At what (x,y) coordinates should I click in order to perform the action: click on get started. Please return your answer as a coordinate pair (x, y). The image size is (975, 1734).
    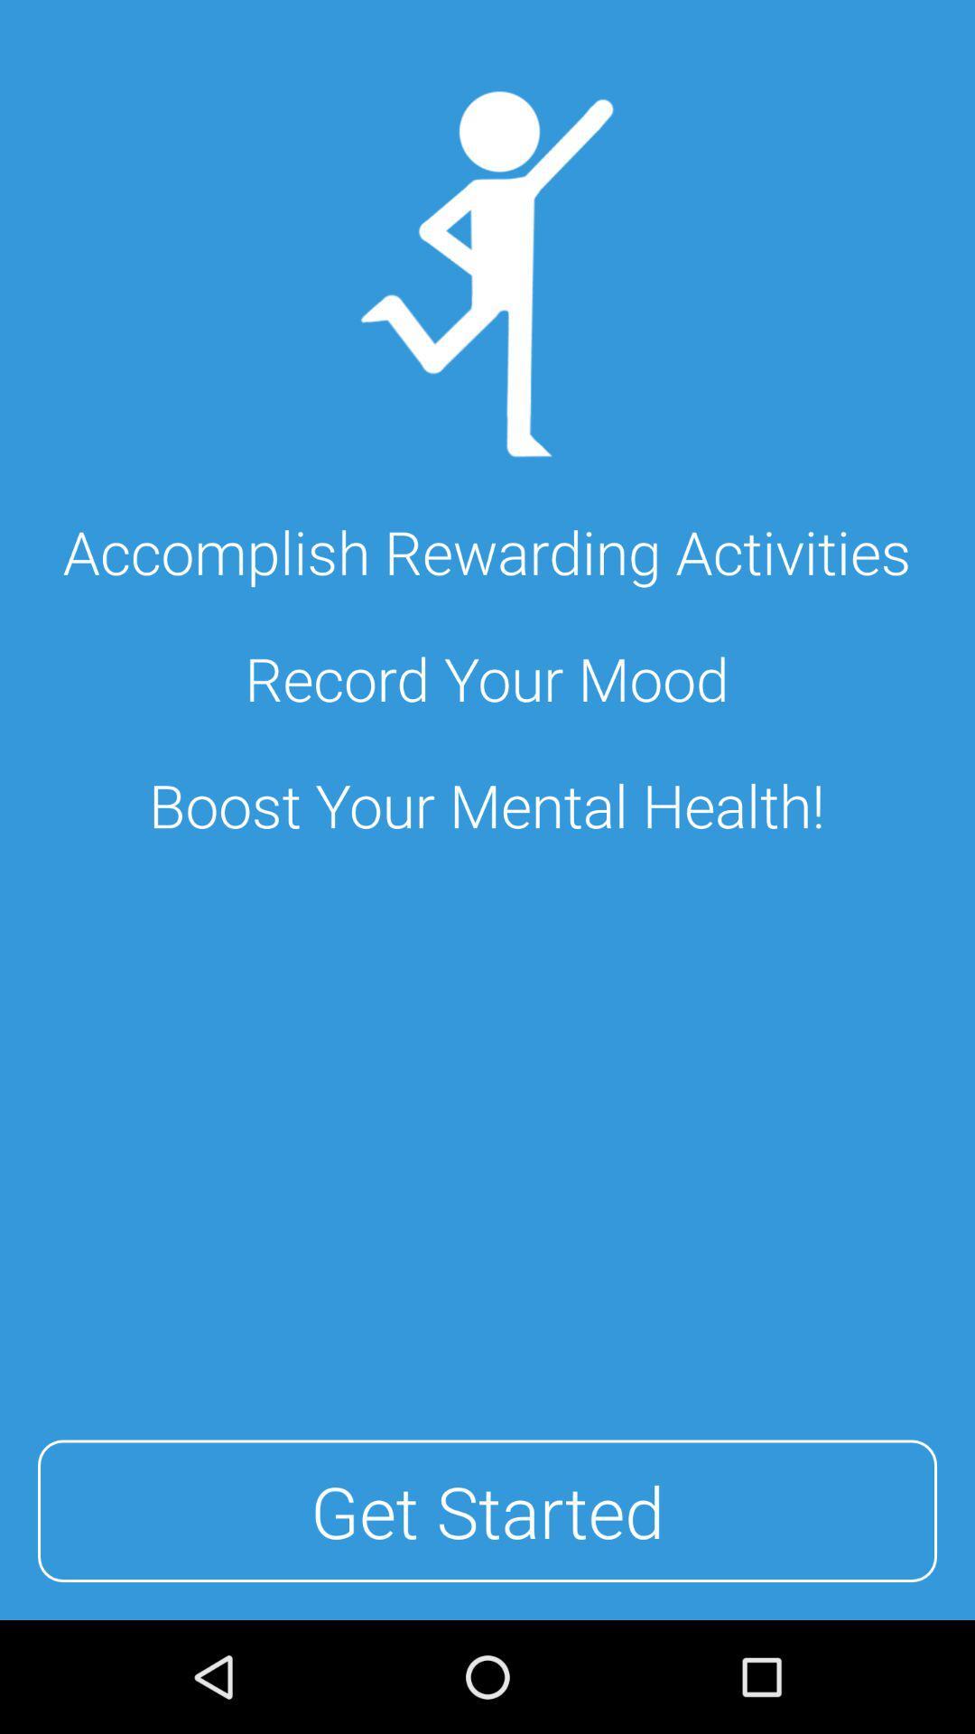
    Looking at the image, I should click on (487, 1511).